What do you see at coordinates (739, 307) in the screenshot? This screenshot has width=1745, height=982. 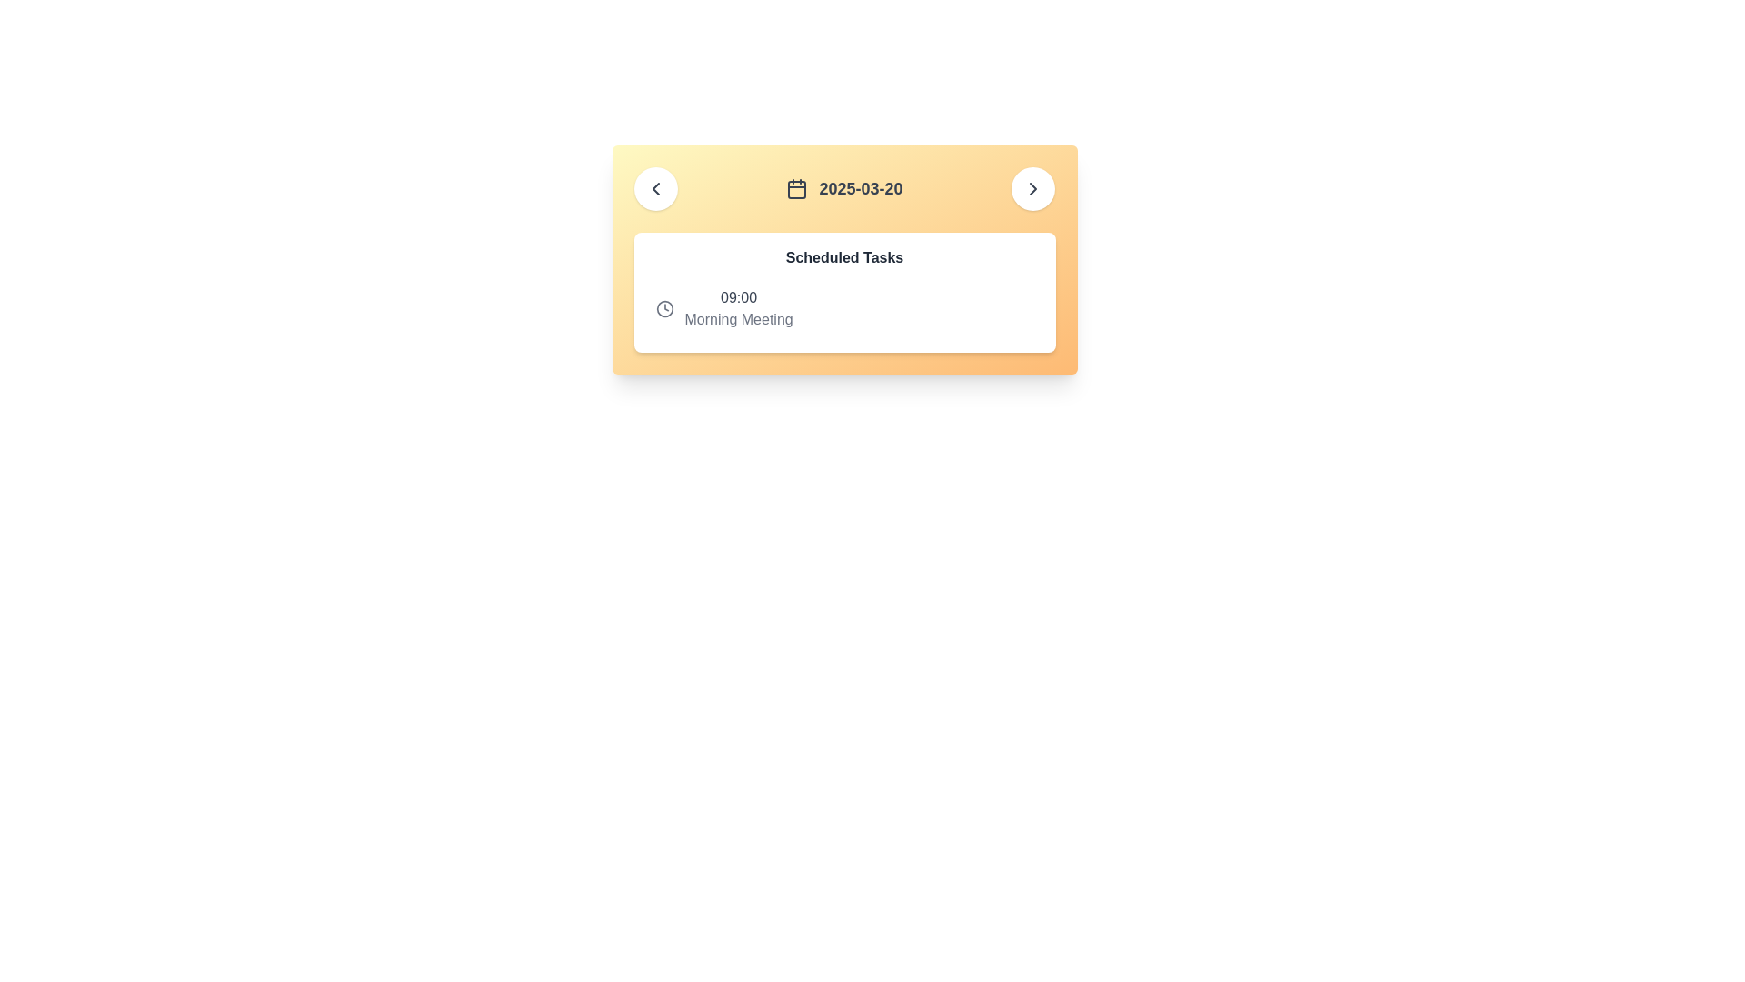 I see `the schedule entry text block displaying '09:00' and 'Morning Meeting', located in the 'Scheduled Tasks' section, immediately to the right of the clock icon` at bounding box center [739, 307].